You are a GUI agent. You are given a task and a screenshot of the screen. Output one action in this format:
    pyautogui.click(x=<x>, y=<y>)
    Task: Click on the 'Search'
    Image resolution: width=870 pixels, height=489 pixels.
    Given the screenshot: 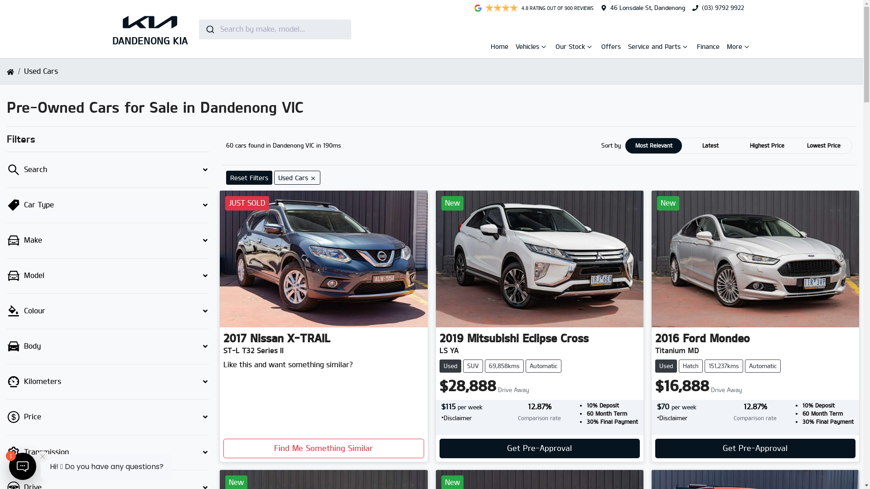 What is the action you would take?
    pyautogui.click(x=108, y=170)
    